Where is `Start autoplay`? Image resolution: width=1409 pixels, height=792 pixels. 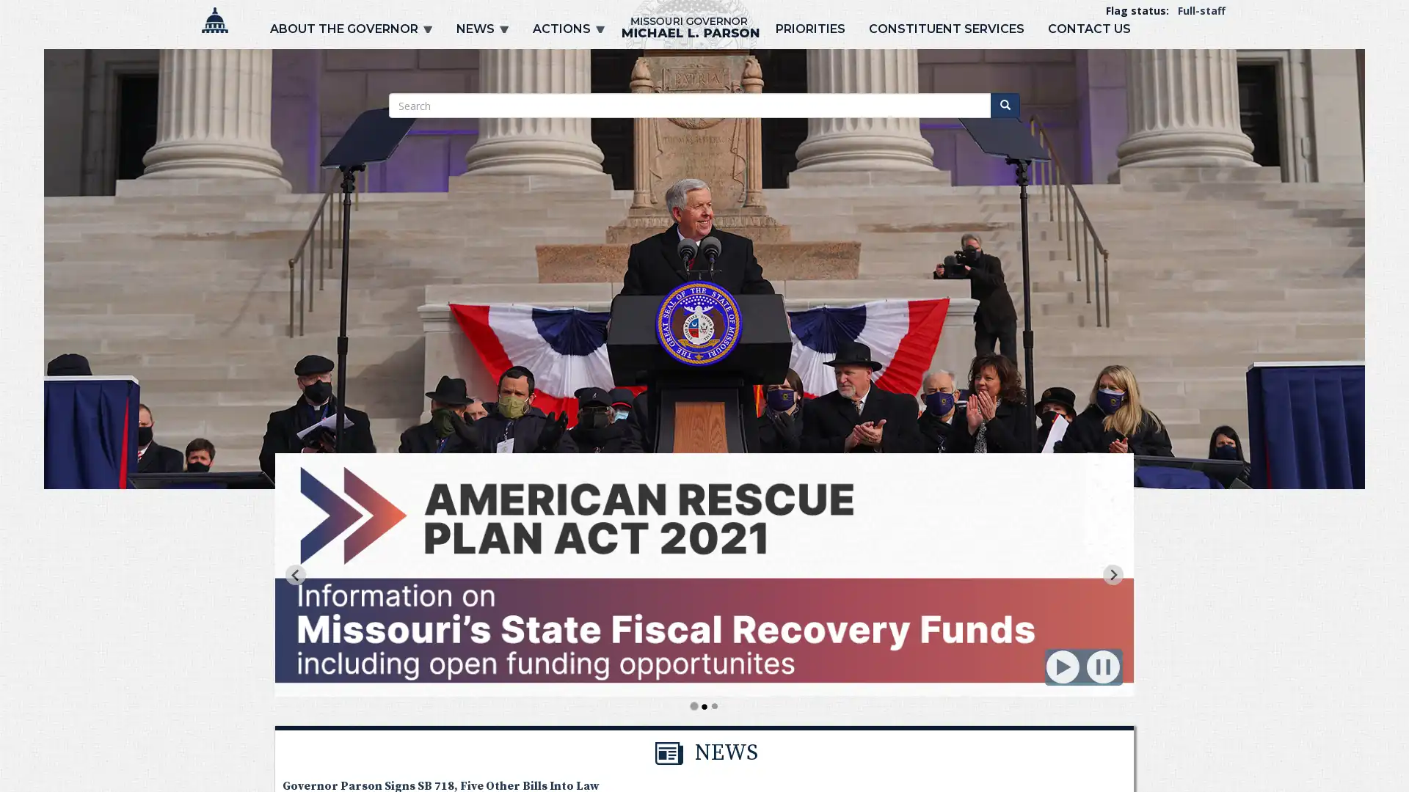 Start autoplay is located at coordinates (1063, 667).